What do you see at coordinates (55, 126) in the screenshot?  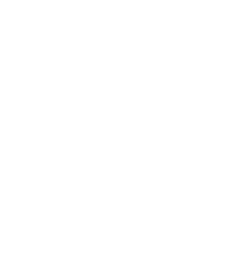 I see `'Moises Voice Studio Debuts'` at bounding box center [55, 126].